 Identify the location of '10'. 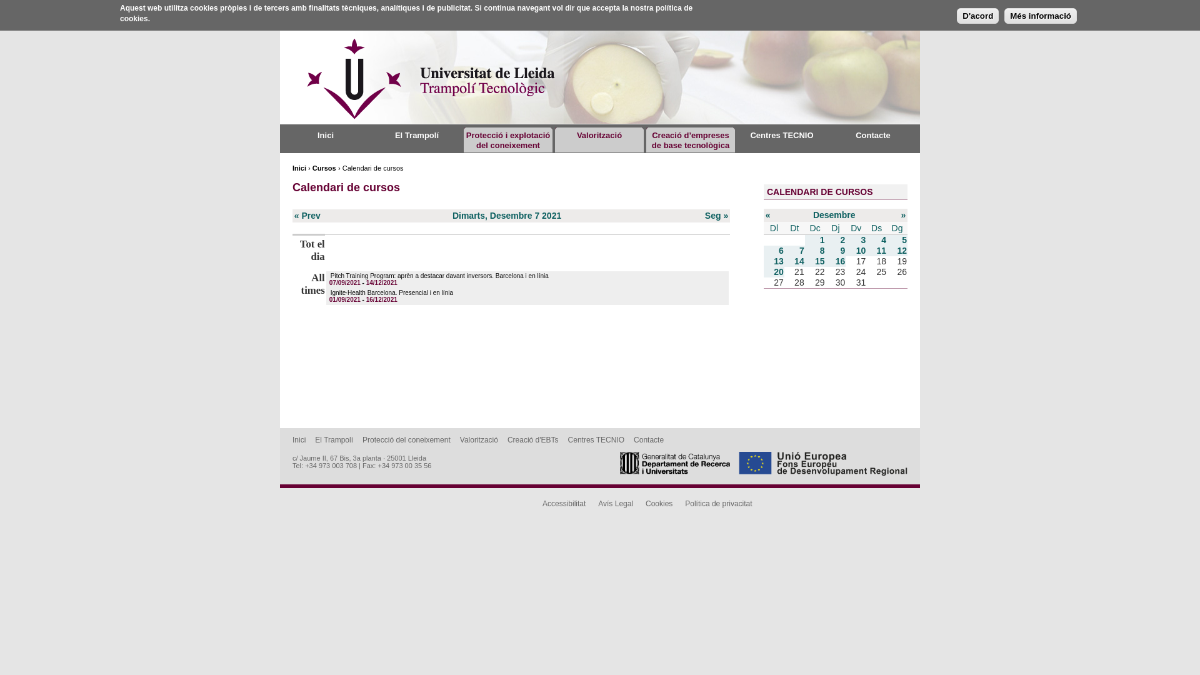
(860, 251).